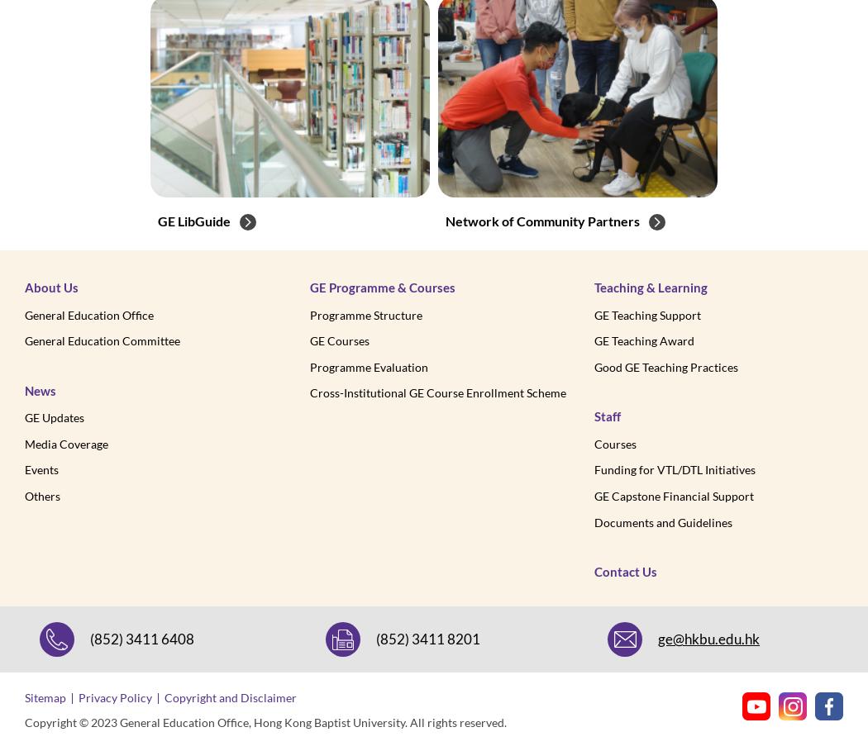  Describe the element at coordinates (40, 390) in the screenshot. I see `'News'` at that location.